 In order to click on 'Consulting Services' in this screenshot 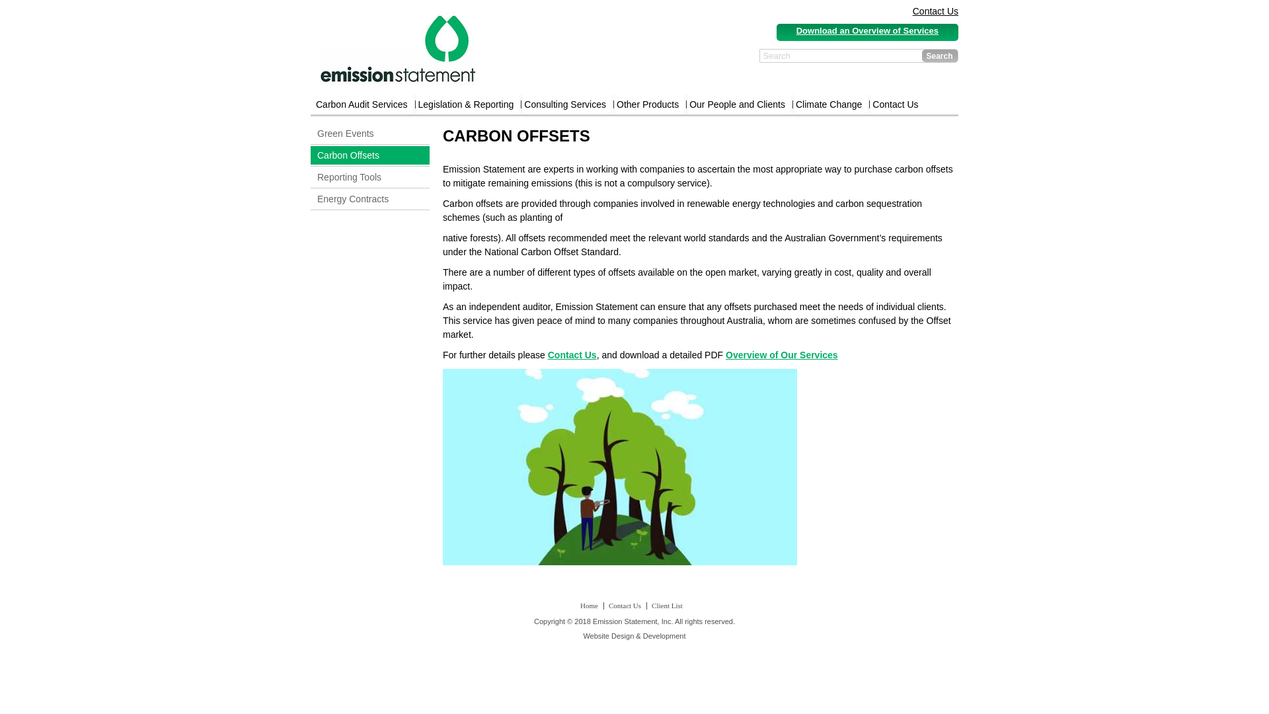, I will do `click(564, 104)`.